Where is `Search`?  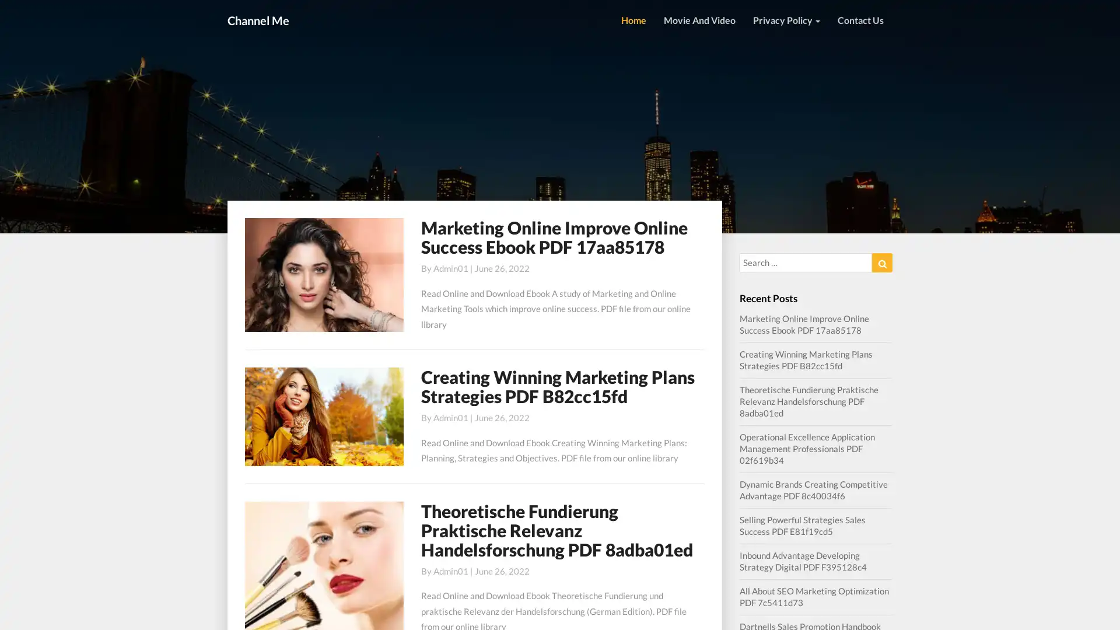 Search is located at coordinates (882, 262).